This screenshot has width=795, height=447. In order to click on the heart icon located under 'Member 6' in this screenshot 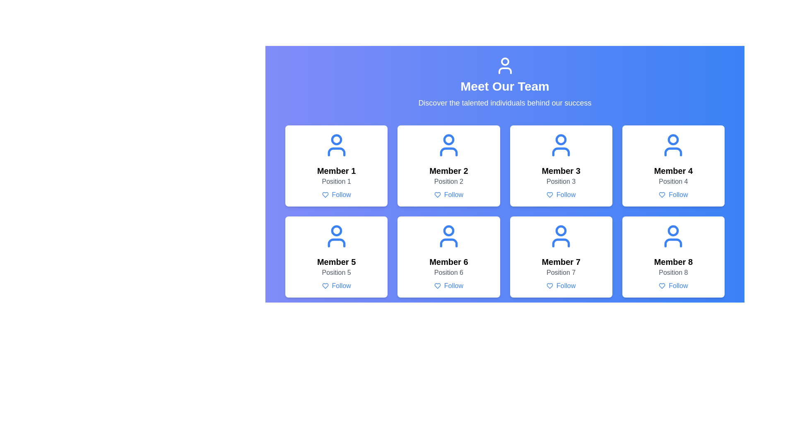, I will do `click(437, 285)`.